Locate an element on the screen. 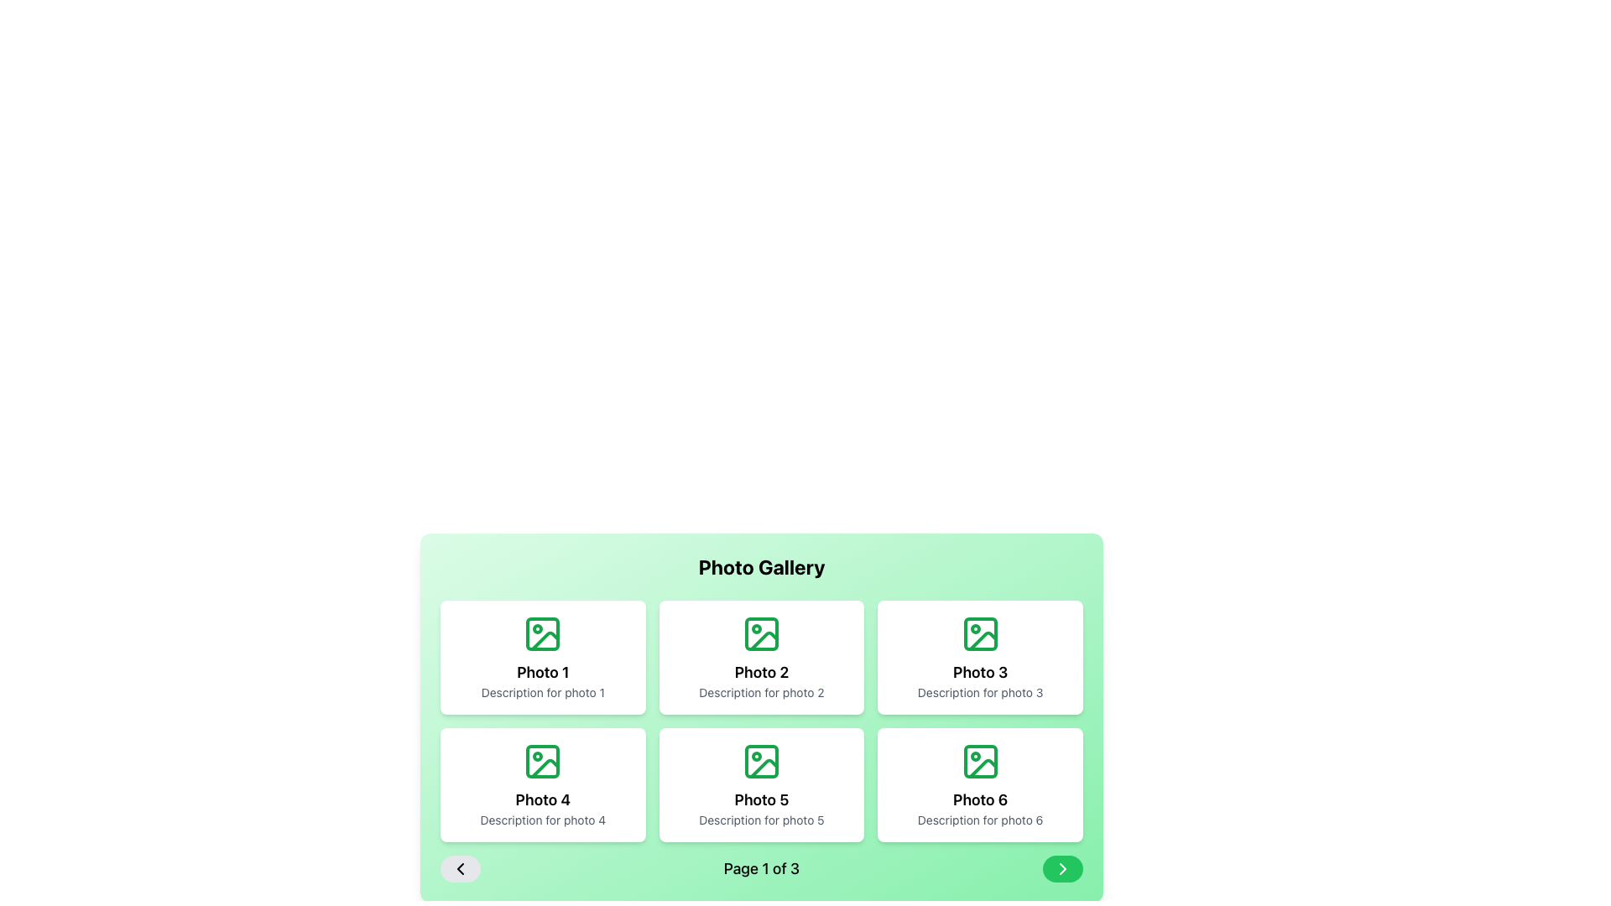 Image resolution: width=1611 pixels, height=906 pixels. the text label displaying 'Photo 4' which is located in the center of a card-like element in the second row and first column of a 2x3 grid layout is located at coordinates (543, 799).